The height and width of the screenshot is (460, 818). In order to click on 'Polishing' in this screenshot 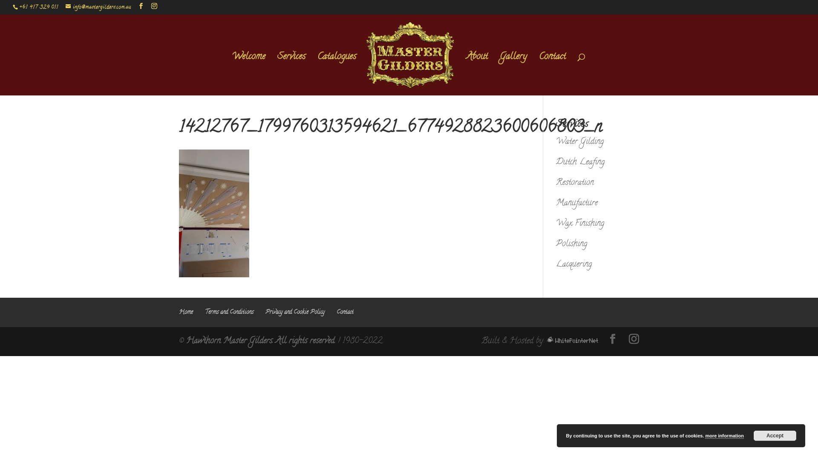, I will do `click(571, 244)`.